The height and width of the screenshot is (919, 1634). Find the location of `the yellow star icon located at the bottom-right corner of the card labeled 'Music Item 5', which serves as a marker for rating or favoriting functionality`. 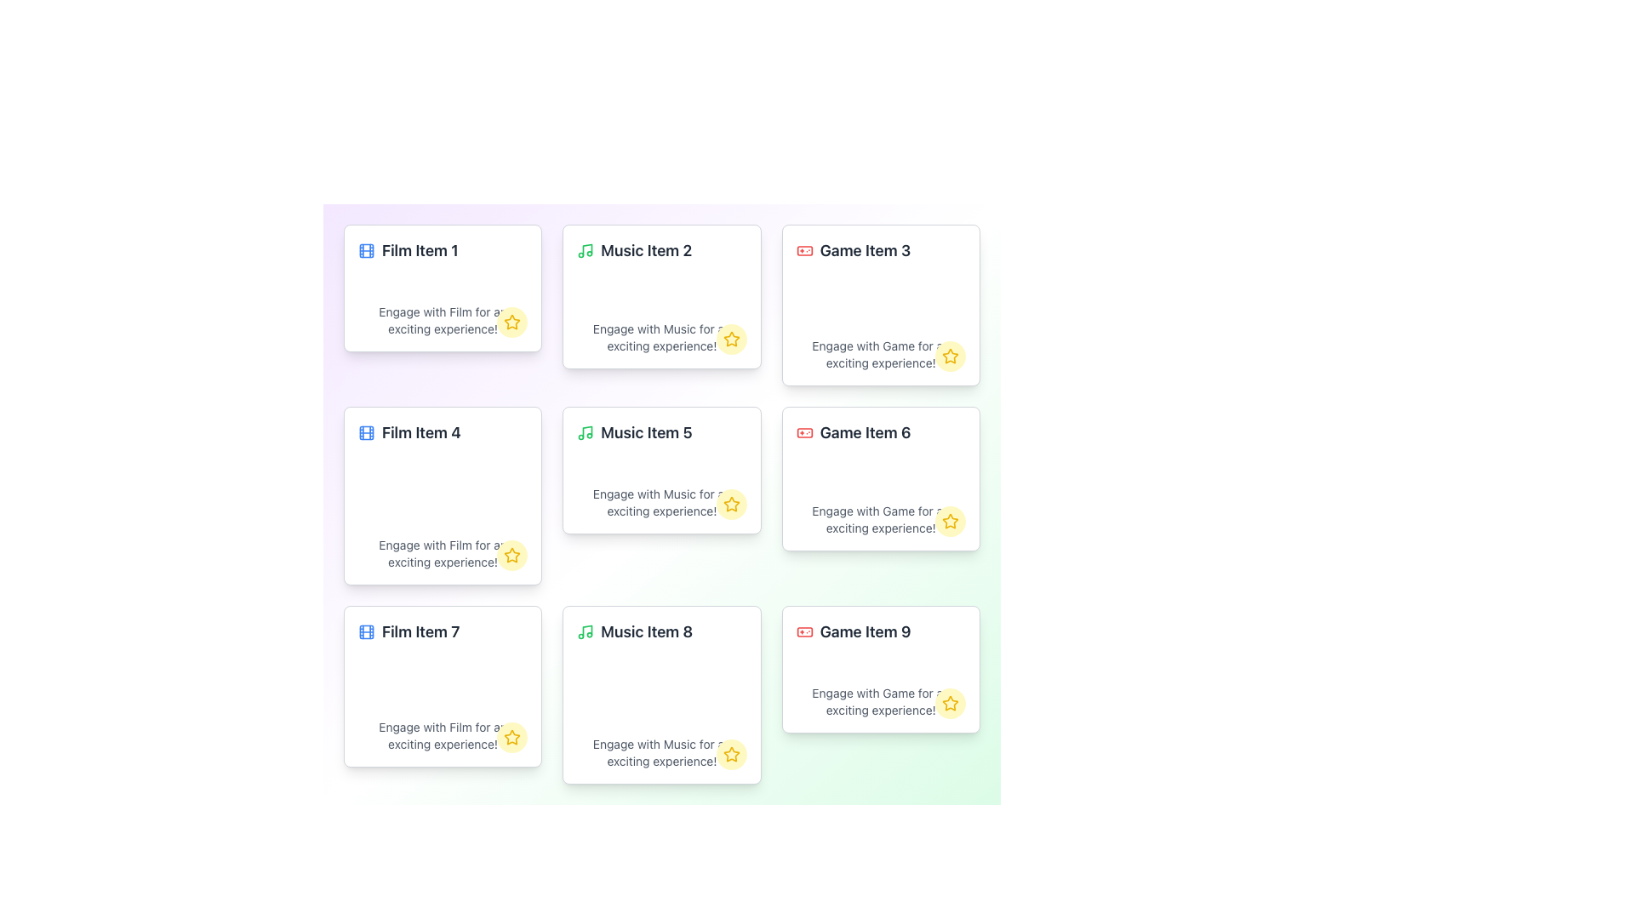

the yellow star icon located at the bottom-right corner of the card labeled 'Music Item 5', which serves as a marker for rating or favoriting functionality is located at coordinates (731, 503).